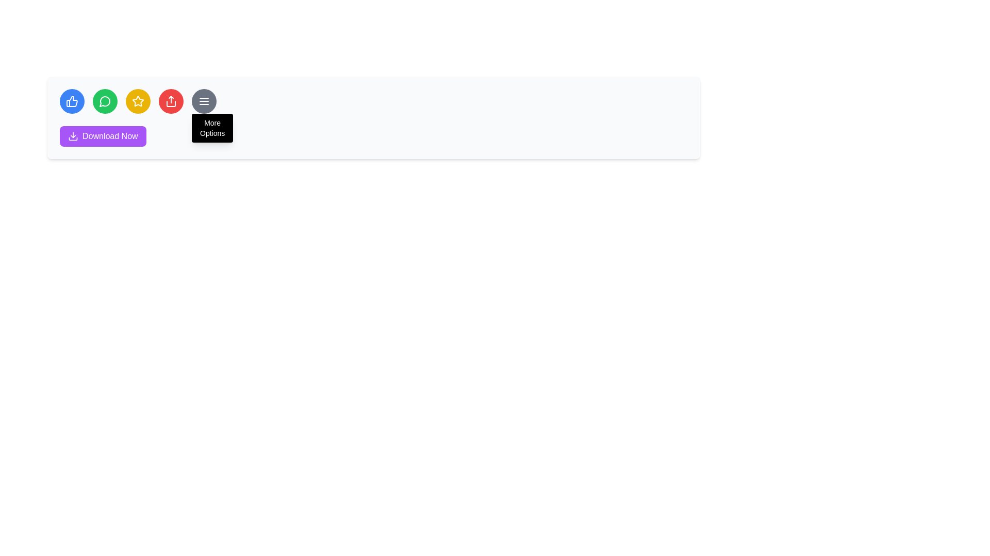 This screenshot has height=556, width=990. I want to click on the blue circular button with a white thumbs-up icon located at the top of the interface, which is the first button in a row of colorful buttons, so click(71, 101).